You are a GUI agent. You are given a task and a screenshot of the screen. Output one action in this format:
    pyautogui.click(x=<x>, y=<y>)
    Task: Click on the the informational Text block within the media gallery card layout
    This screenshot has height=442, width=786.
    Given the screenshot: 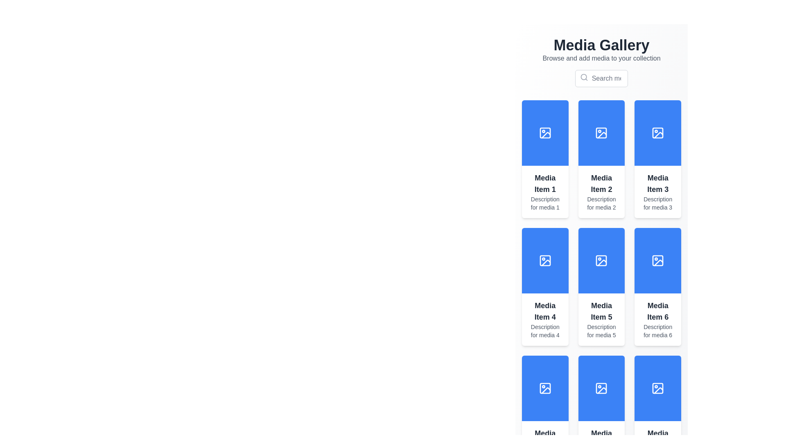 What is the action you would take?
    pyautogui.click(x=545, y=319)
    